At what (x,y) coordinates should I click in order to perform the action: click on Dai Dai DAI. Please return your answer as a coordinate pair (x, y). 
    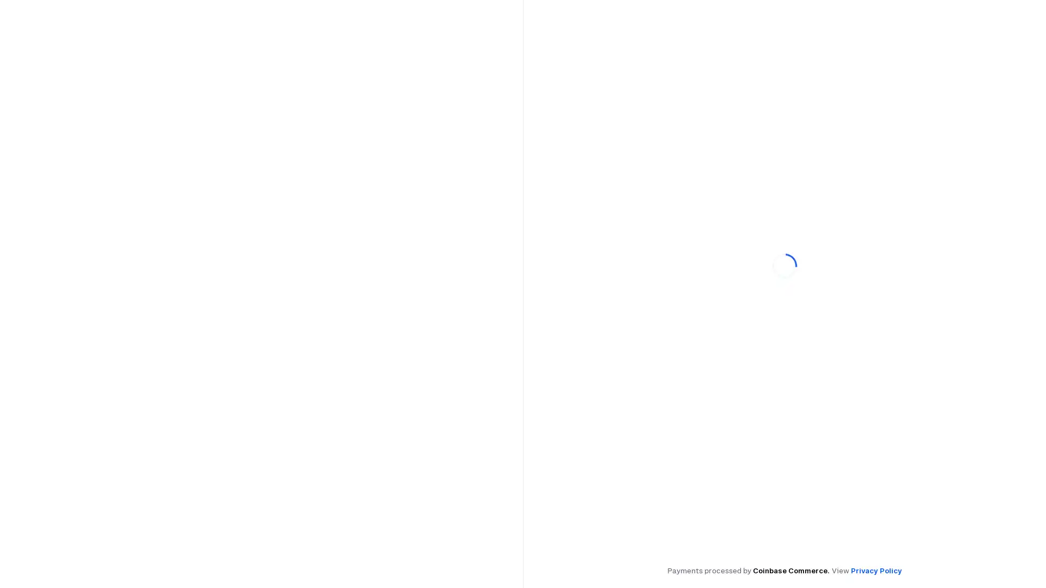
    Looking at the image, I should click on (607, 289).